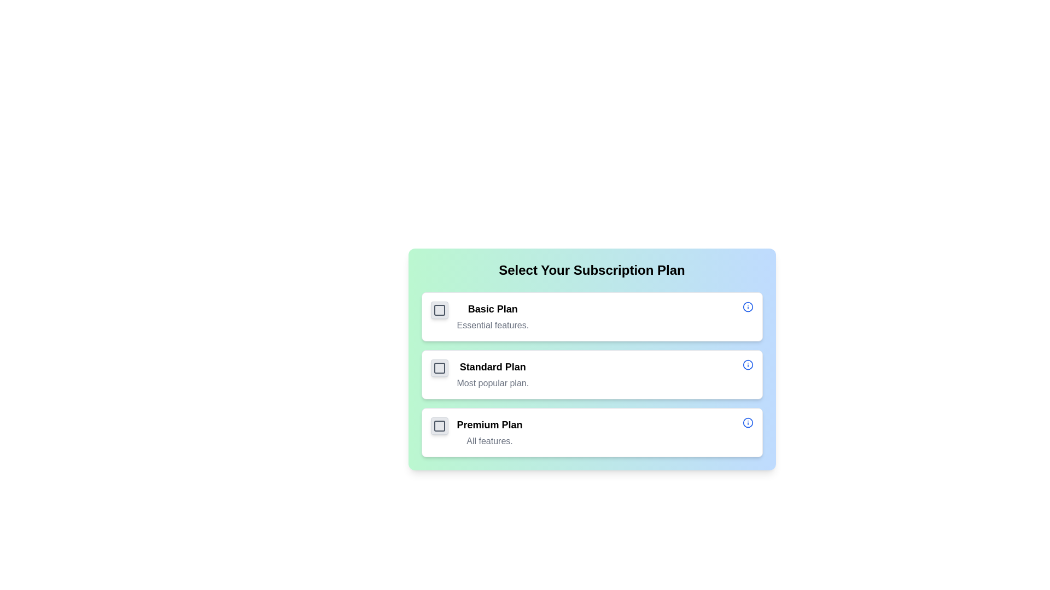 The width and height of the screenshot is (1050, 590). Describe the element at coordinates (489, 432) in the screenshot. I see `the 'Premium Plan' text label located in the third card of the subscription options, positioned below the 'Standard Plan' card in the 'Select Your Subscription Plan' section` at that location.